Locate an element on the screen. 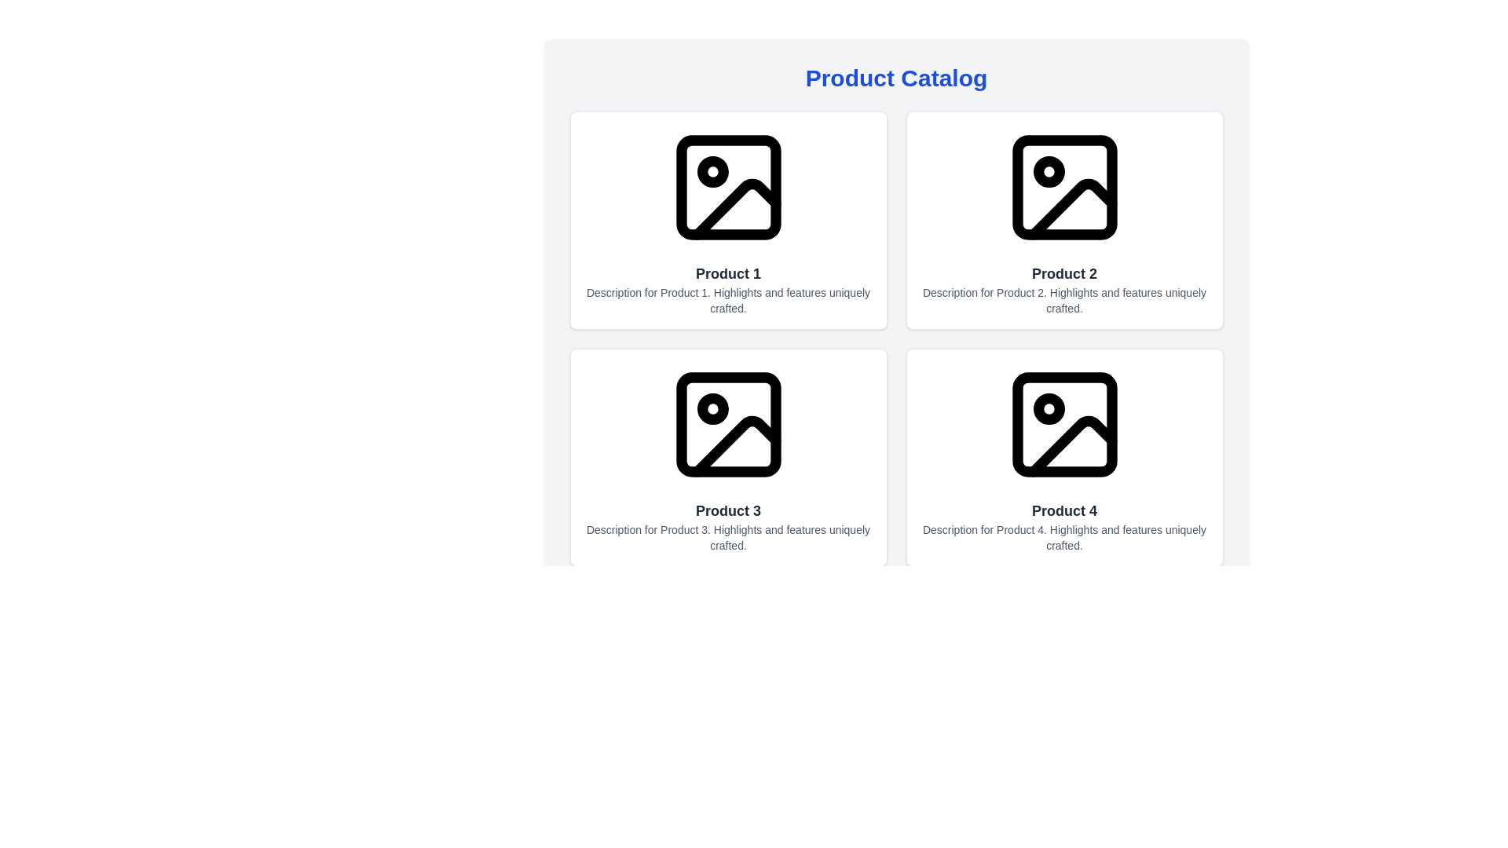  the Decorative component of the image placeholder icon located in the bottom-left of the 'Product 3' card within the SVG graphic is located at coordinates (727, 424).